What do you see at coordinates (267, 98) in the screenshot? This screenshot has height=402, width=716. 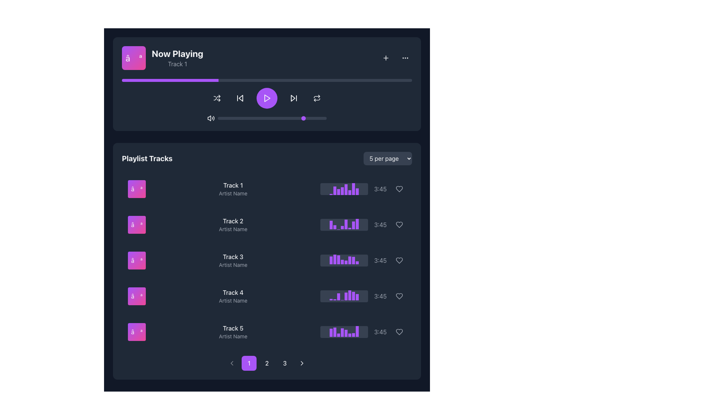 I see `the triangular play-shaped button with a purple background located in the control area of the media player interface under the 'Now Playing' section` at bounding box center [267, 98].